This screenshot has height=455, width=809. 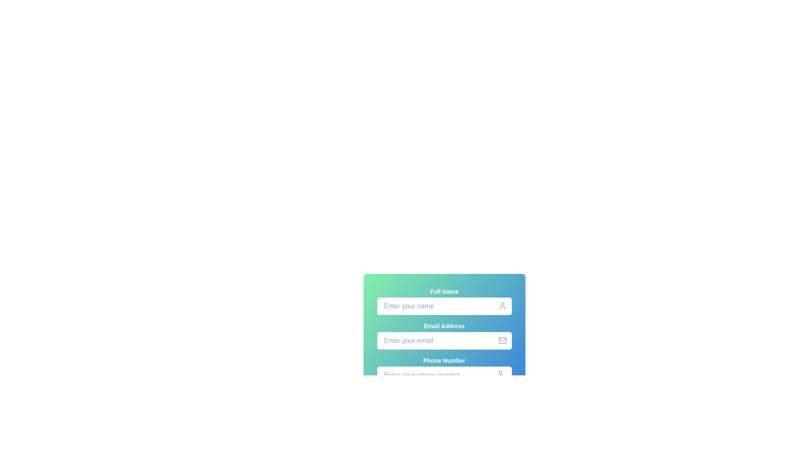 I want to click on the icon serving as a visual indicator for the name input field, positioned at the far right of the 'Enter your name' text input field, so click(x=502, y=305).